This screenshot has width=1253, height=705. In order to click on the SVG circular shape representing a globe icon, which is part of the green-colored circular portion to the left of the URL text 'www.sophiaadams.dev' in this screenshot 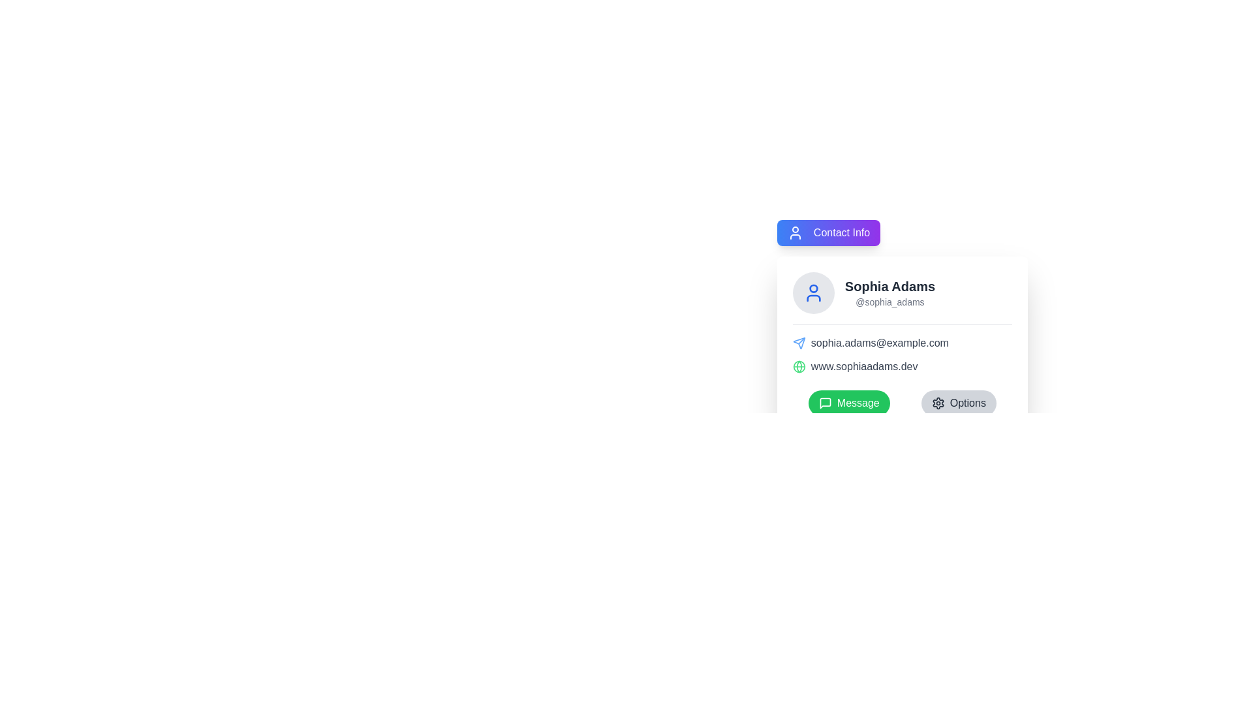, I will do `click(798, 367)`.